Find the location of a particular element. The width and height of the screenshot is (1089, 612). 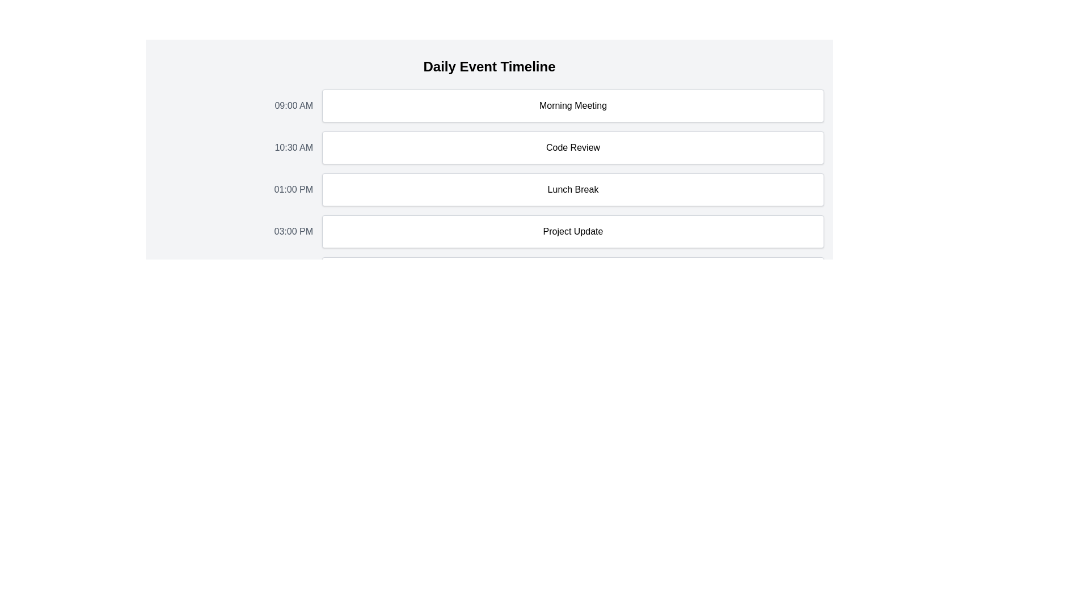

the third schedule entry in the timeline, which displays '01:00 PM' on the left and 'Lunch Break' in a white box next to it for scheduling purposes is located at coordinates (489, 189).